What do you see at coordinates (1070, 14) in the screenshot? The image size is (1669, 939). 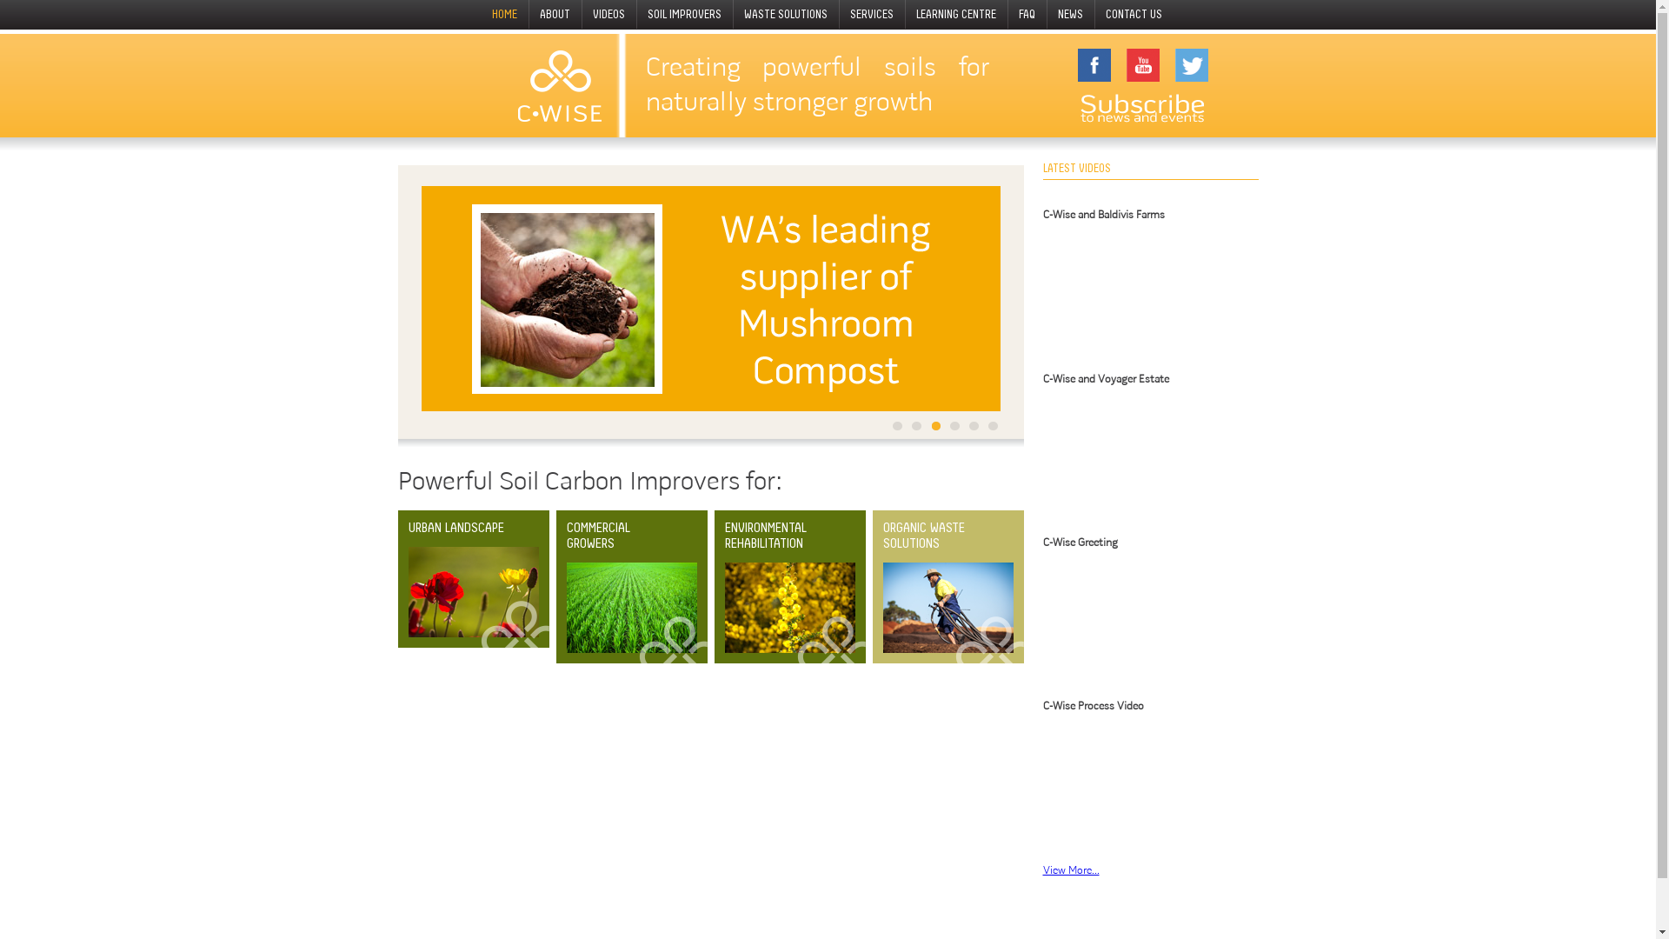 I see `'NEWS'` at bounding box center [1070, 14].